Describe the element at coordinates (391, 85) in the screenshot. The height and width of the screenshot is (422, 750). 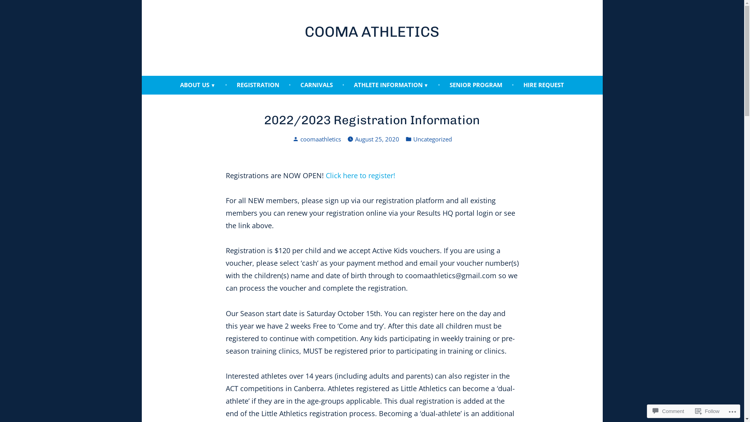
I see `'ATHLETE INFORMATION'` at that location.